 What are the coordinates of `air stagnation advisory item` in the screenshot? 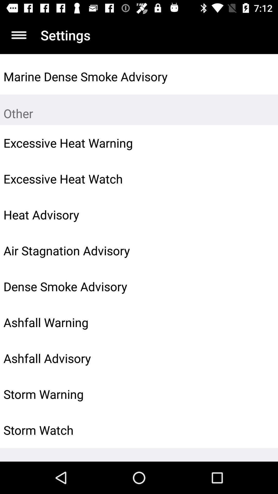 It's located at (124, 250).